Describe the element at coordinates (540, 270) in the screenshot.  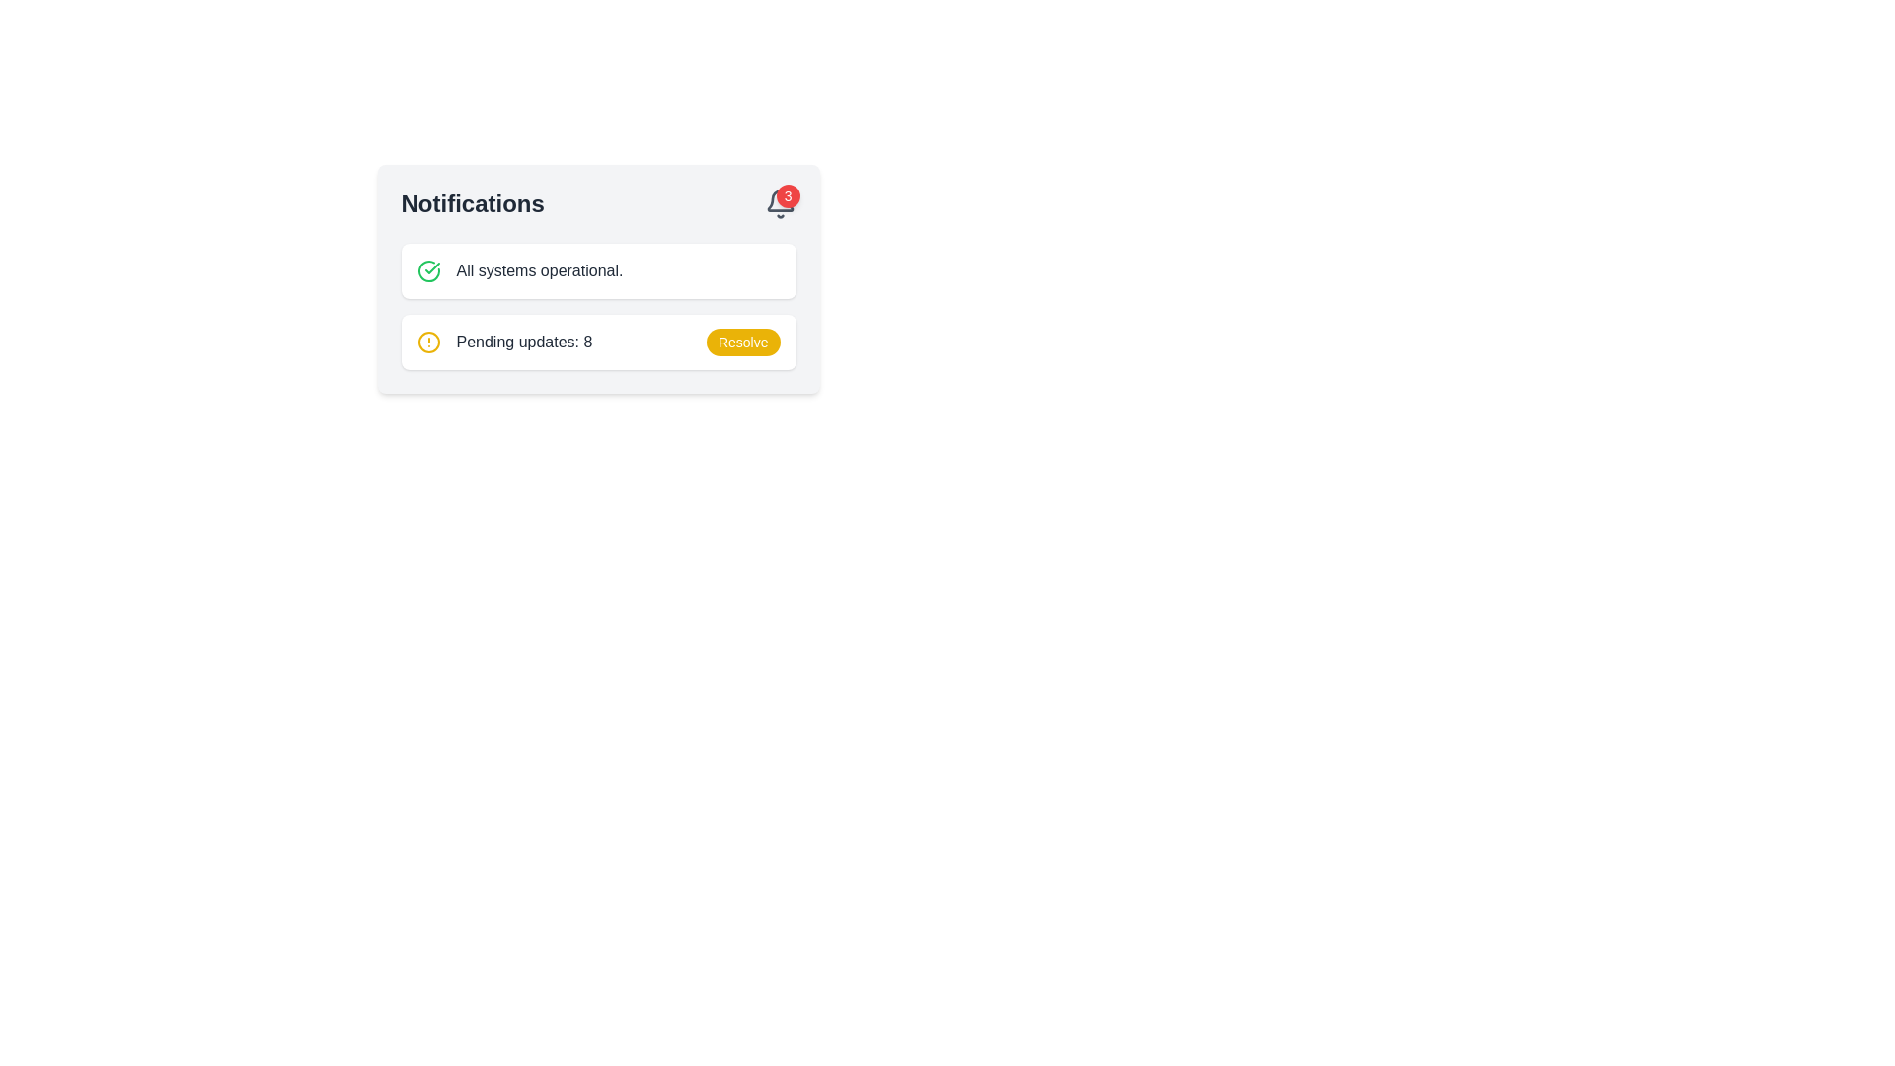
I see `status text displayed in the first notification card indicating that all systems are functioning properly, located next to a green checkmark icon` at that location.